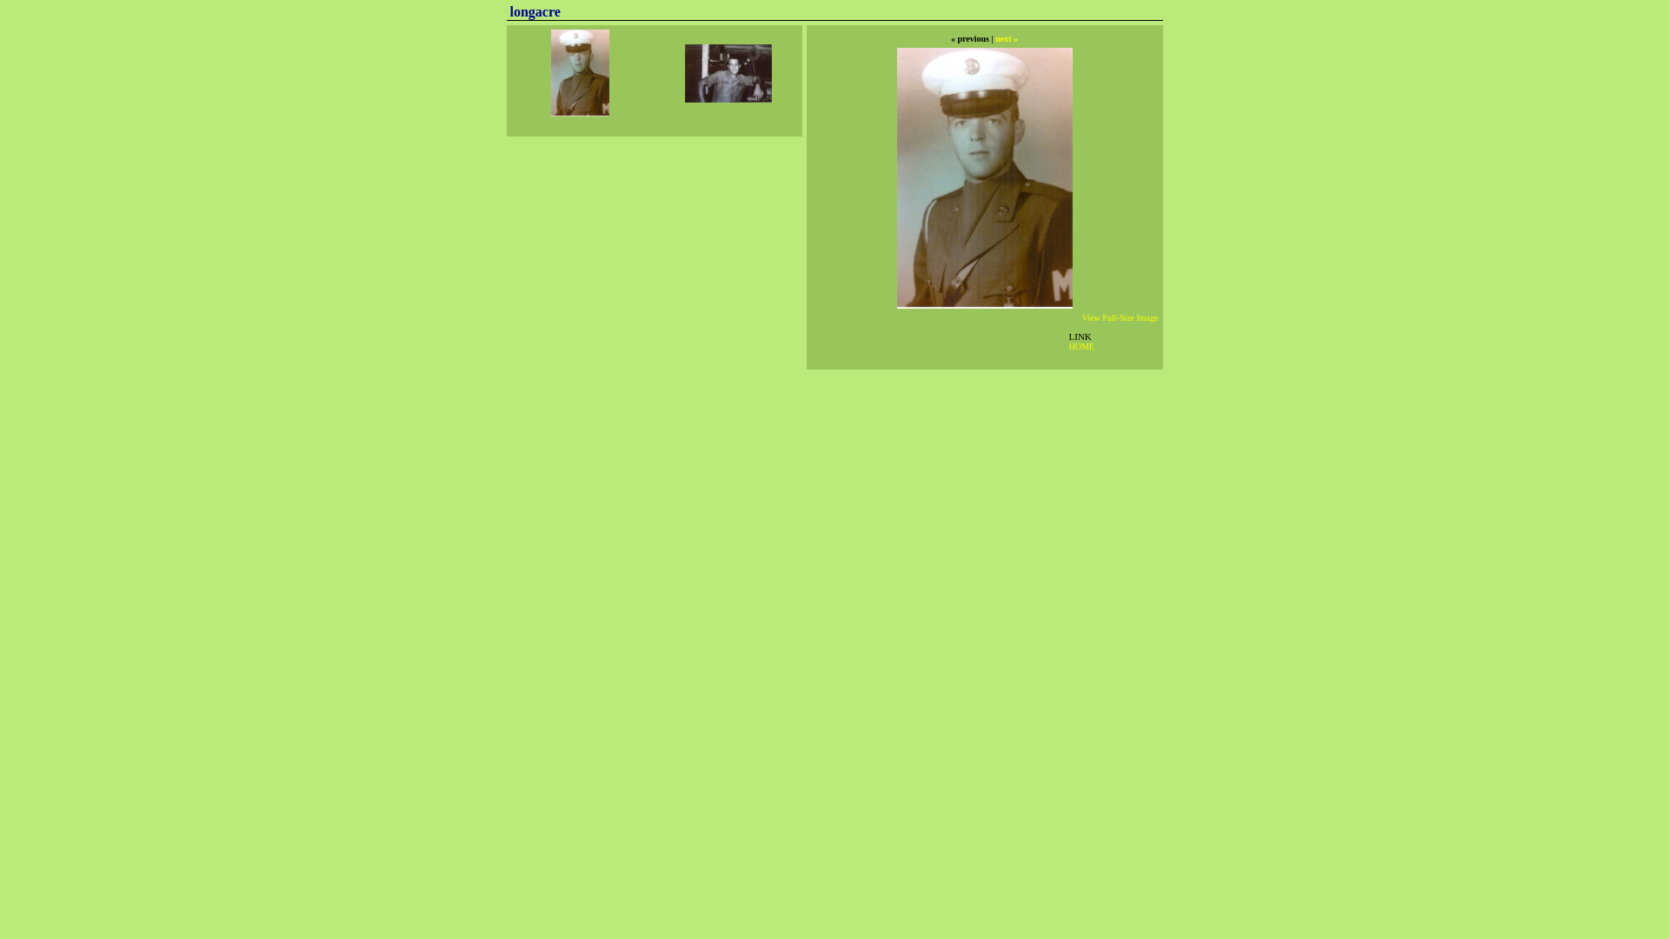 The height and width of the screenshot is (939, 1669). Describe the element at coordinates (1081, 346) in the screenshot. I see `'HOME'` at that location.